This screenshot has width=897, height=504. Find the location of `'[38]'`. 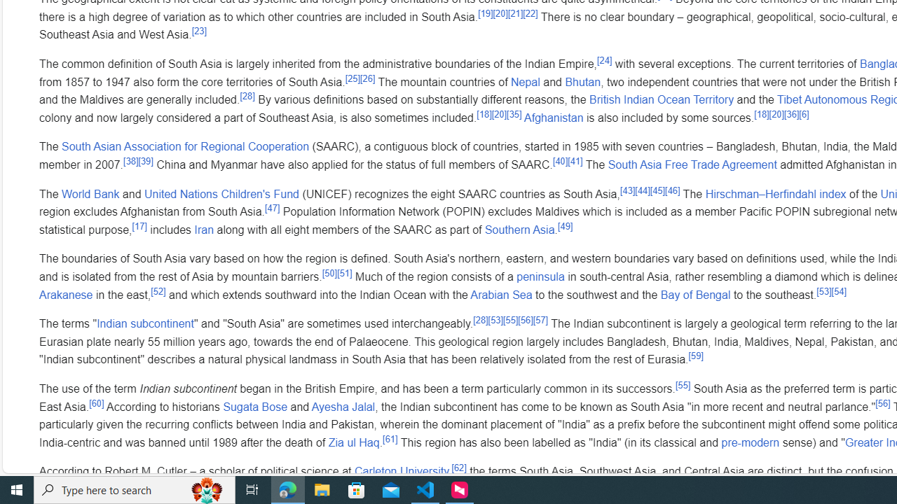

'[38]' is located at coordinates (131, 160).